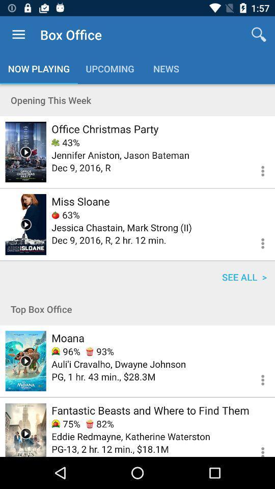 This screenshot has height=489, width=275. What do you see at coordinates (256, 447) in the screenshot?
I see `show more options` at bounding box center [256, 447].